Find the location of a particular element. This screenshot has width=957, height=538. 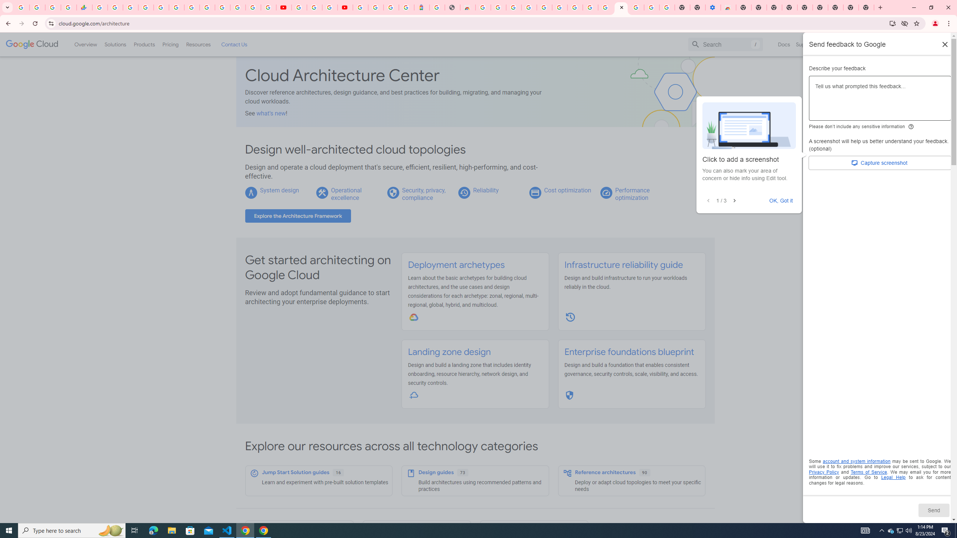

'Previous' is located at coordinates (708, 200).